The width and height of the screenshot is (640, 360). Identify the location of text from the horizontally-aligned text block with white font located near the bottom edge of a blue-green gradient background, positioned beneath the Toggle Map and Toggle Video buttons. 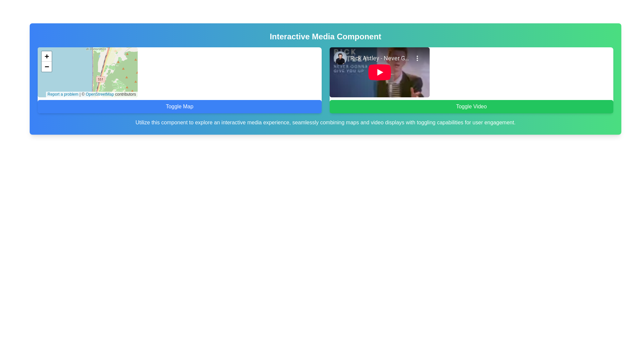
(325, 122).